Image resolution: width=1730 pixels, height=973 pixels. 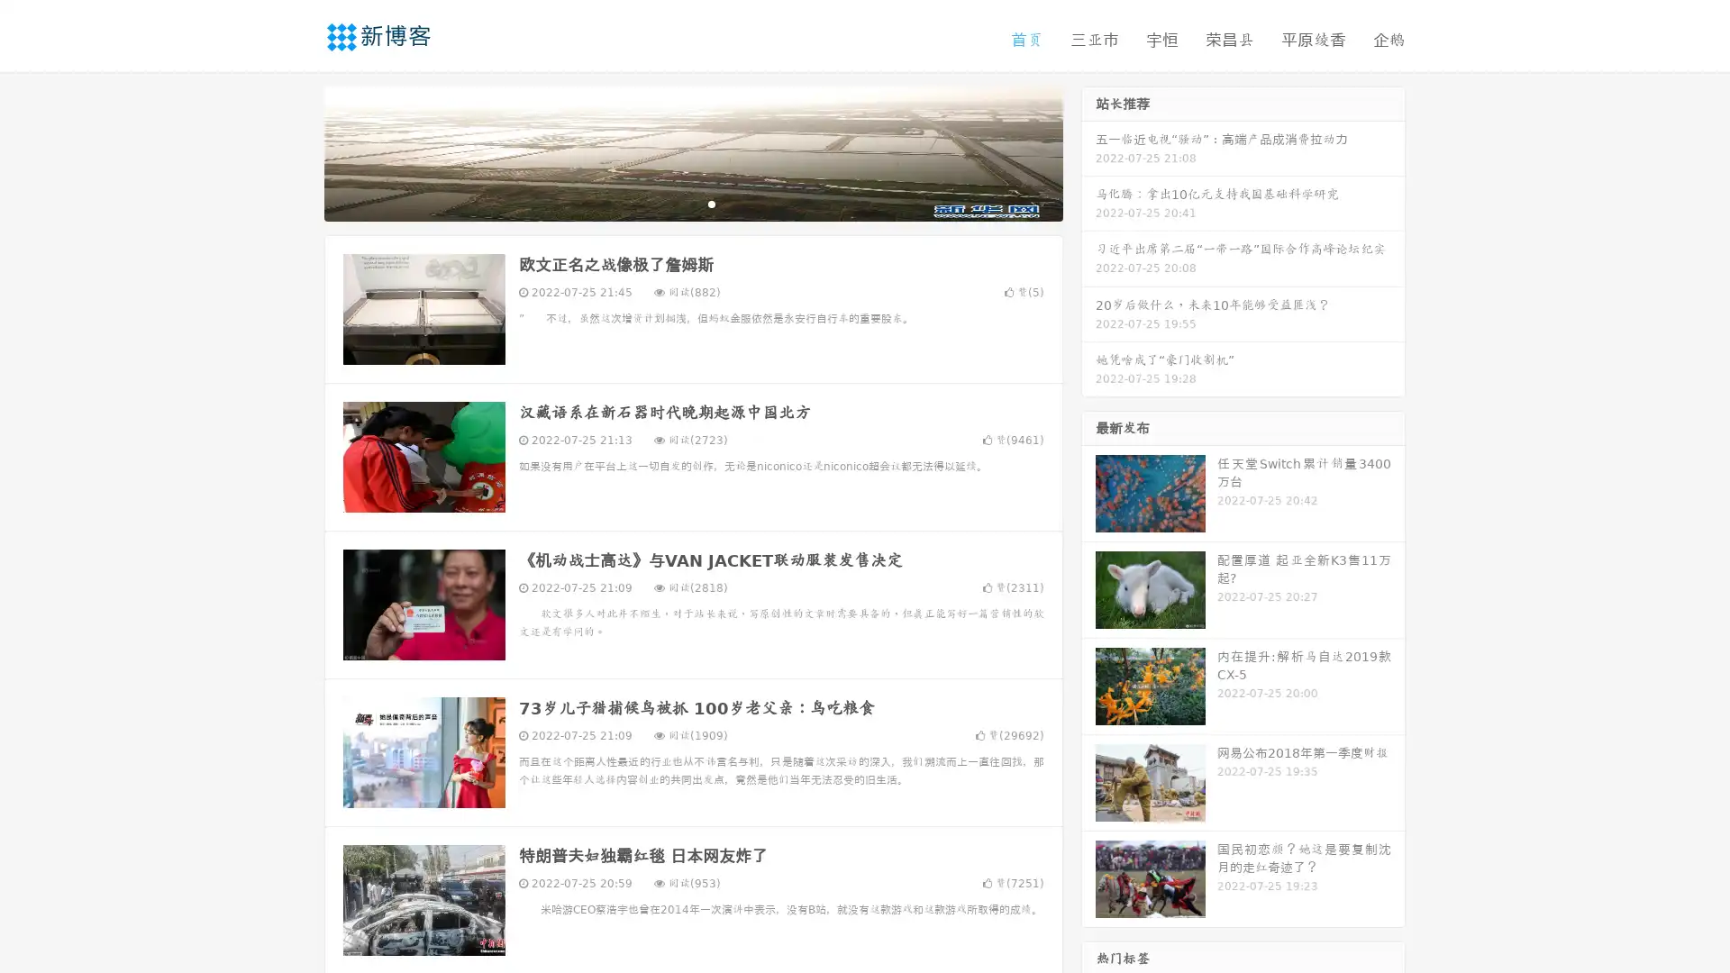 What do you see at coordinates (674, 203) in the screenshot?
I see `Go to slide 1` at bounding box center [674, 203].